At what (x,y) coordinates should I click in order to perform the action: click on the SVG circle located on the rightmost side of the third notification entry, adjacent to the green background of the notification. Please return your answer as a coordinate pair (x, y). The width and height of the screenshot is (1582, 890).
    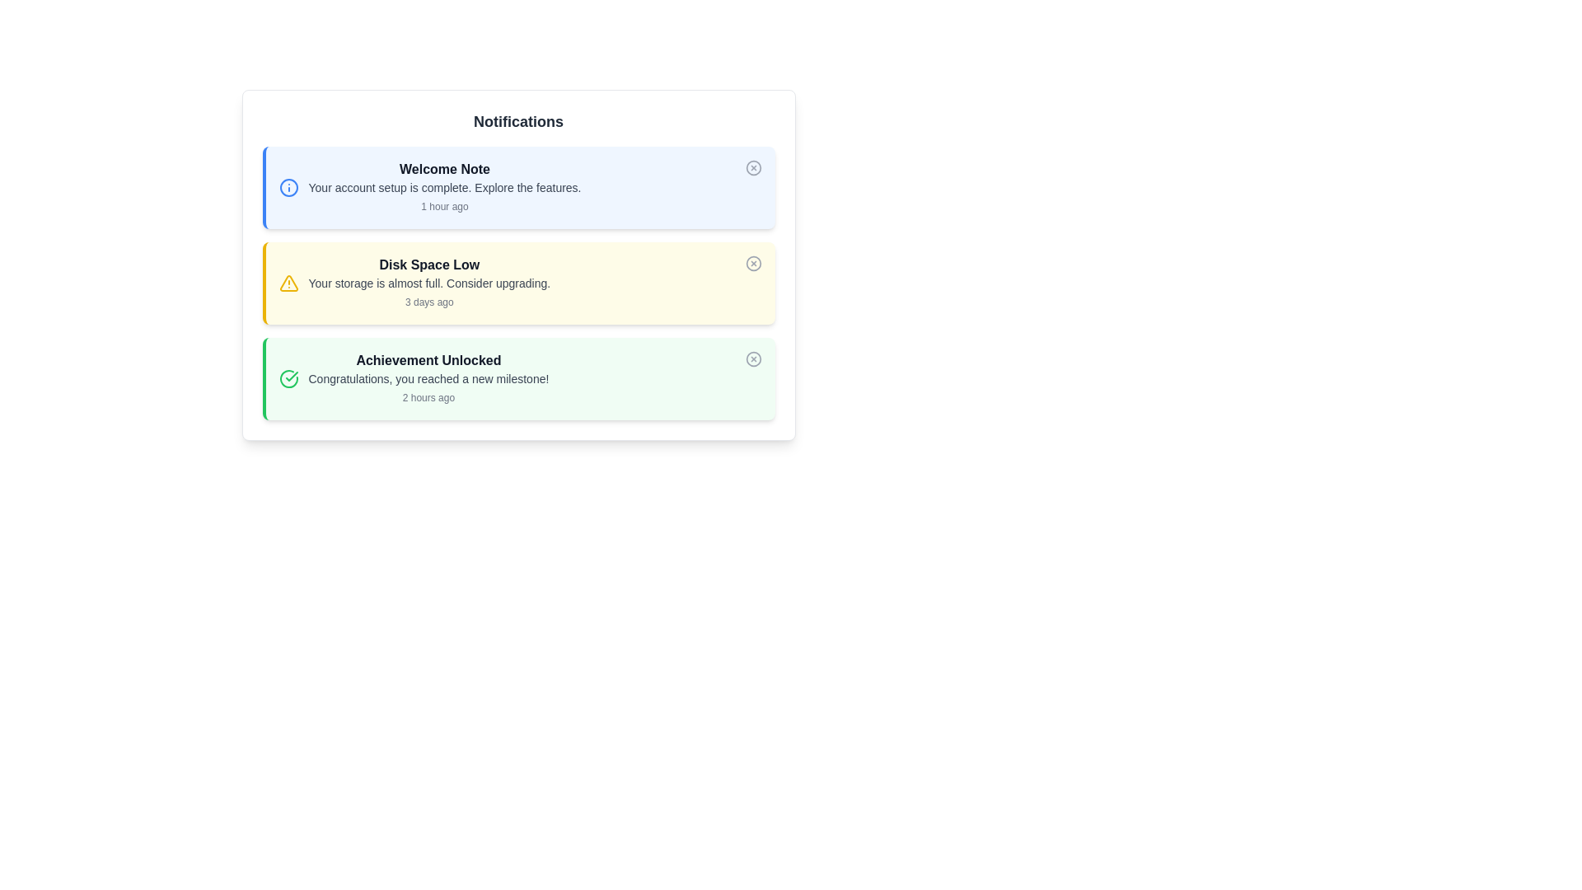
    Looking at the image, I should click on (752, 358).